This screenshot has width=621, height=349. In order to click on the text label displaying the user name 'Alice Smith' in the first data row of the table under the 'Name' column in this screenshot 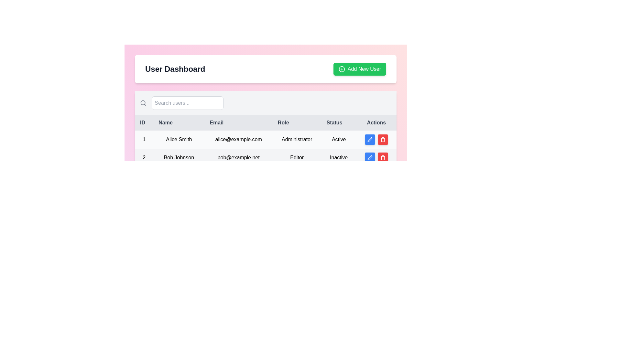, I will do `click(179, 139)`.